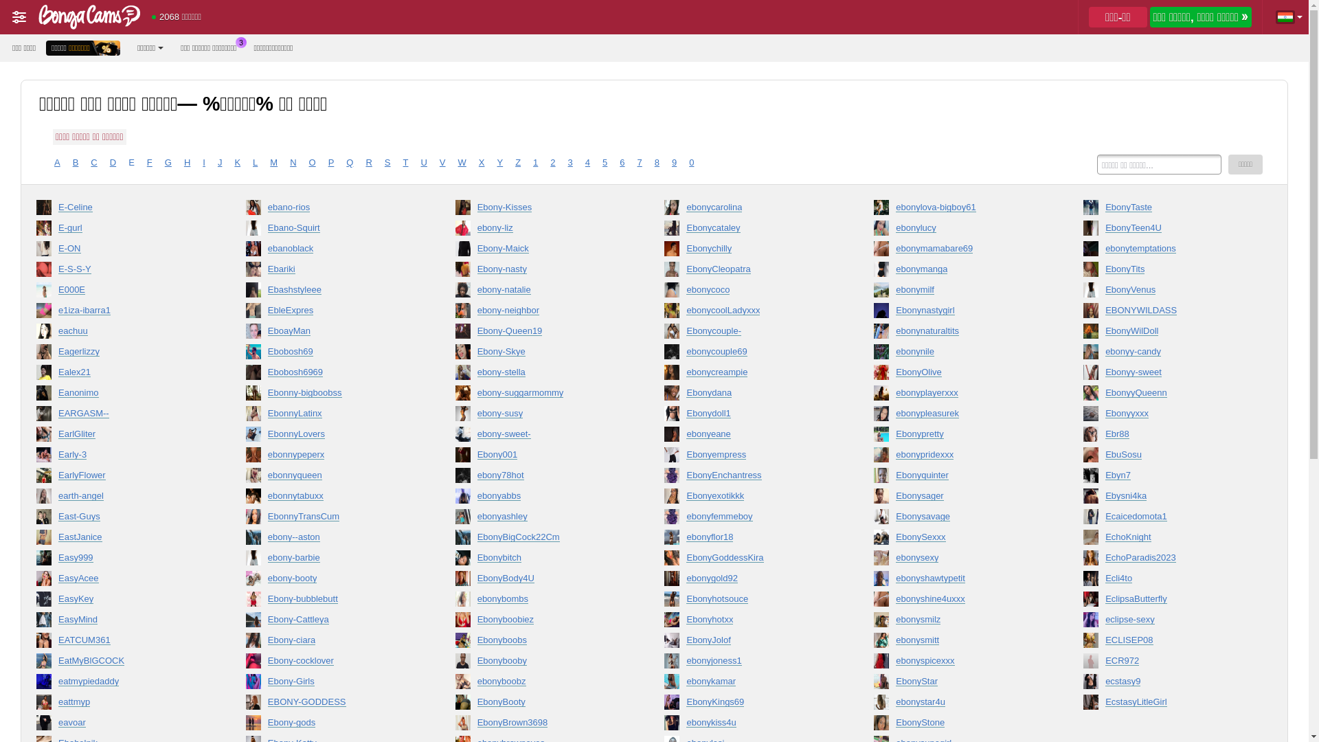 This screenshot has height=742, width=1319. Describe the element at coordinates (349, 161) in the screenshot. I see `'Q'` at that location.